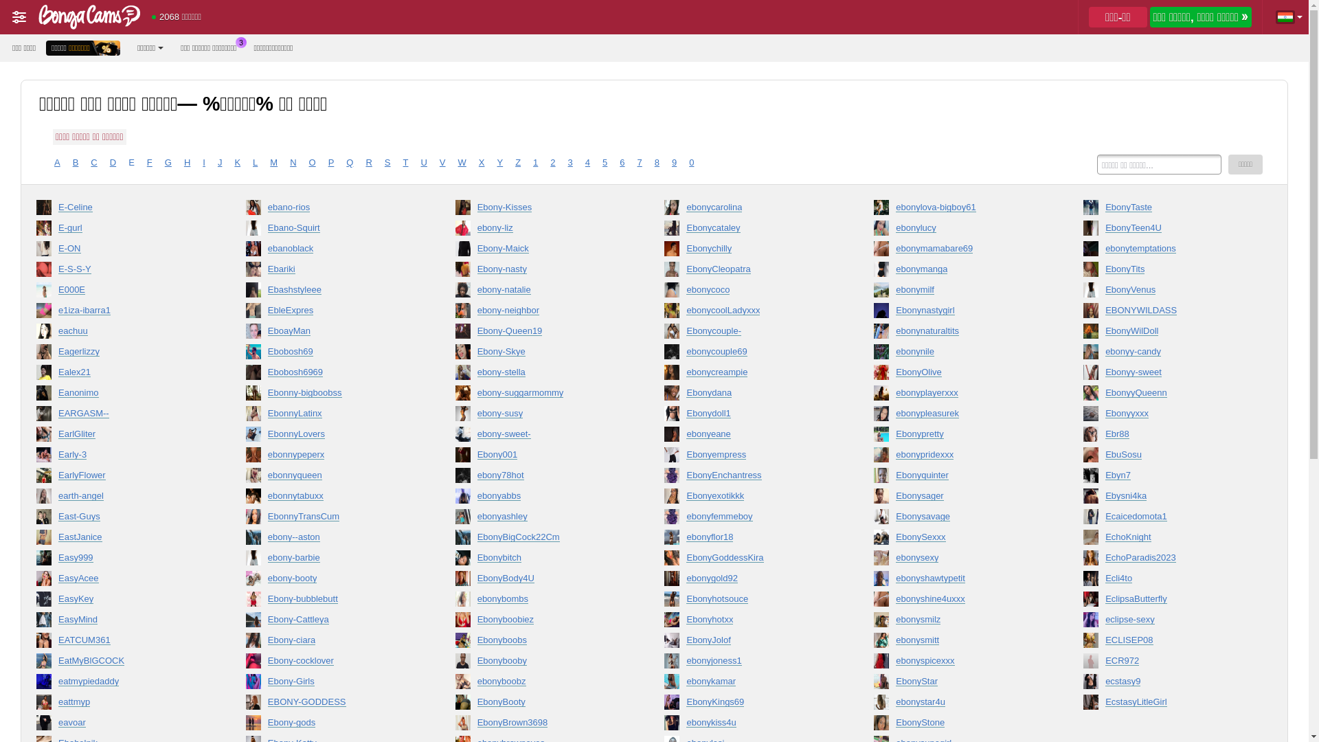 This screenshot has height=742, width=1319. Describe the element at coordinates (349, 161) in the screenshot. I see `'Q'` at that location.